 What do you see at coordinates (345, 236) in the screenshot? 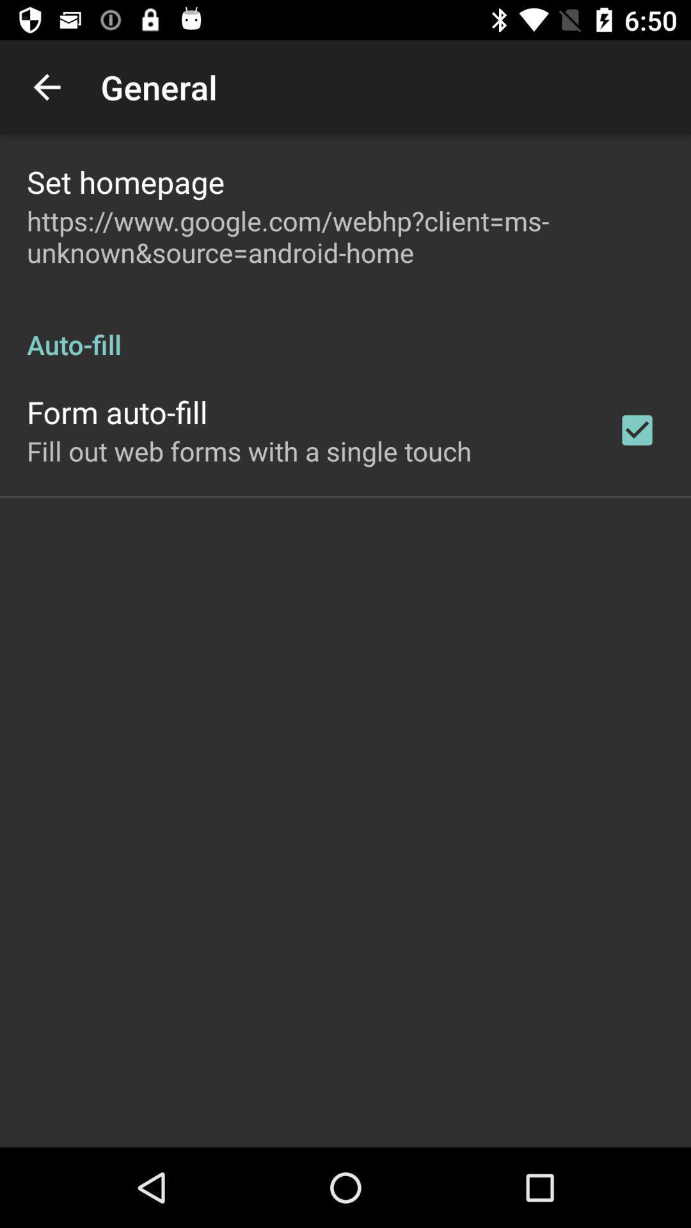
I see `the icon below the set homepage` at bounding box center [345, 236].